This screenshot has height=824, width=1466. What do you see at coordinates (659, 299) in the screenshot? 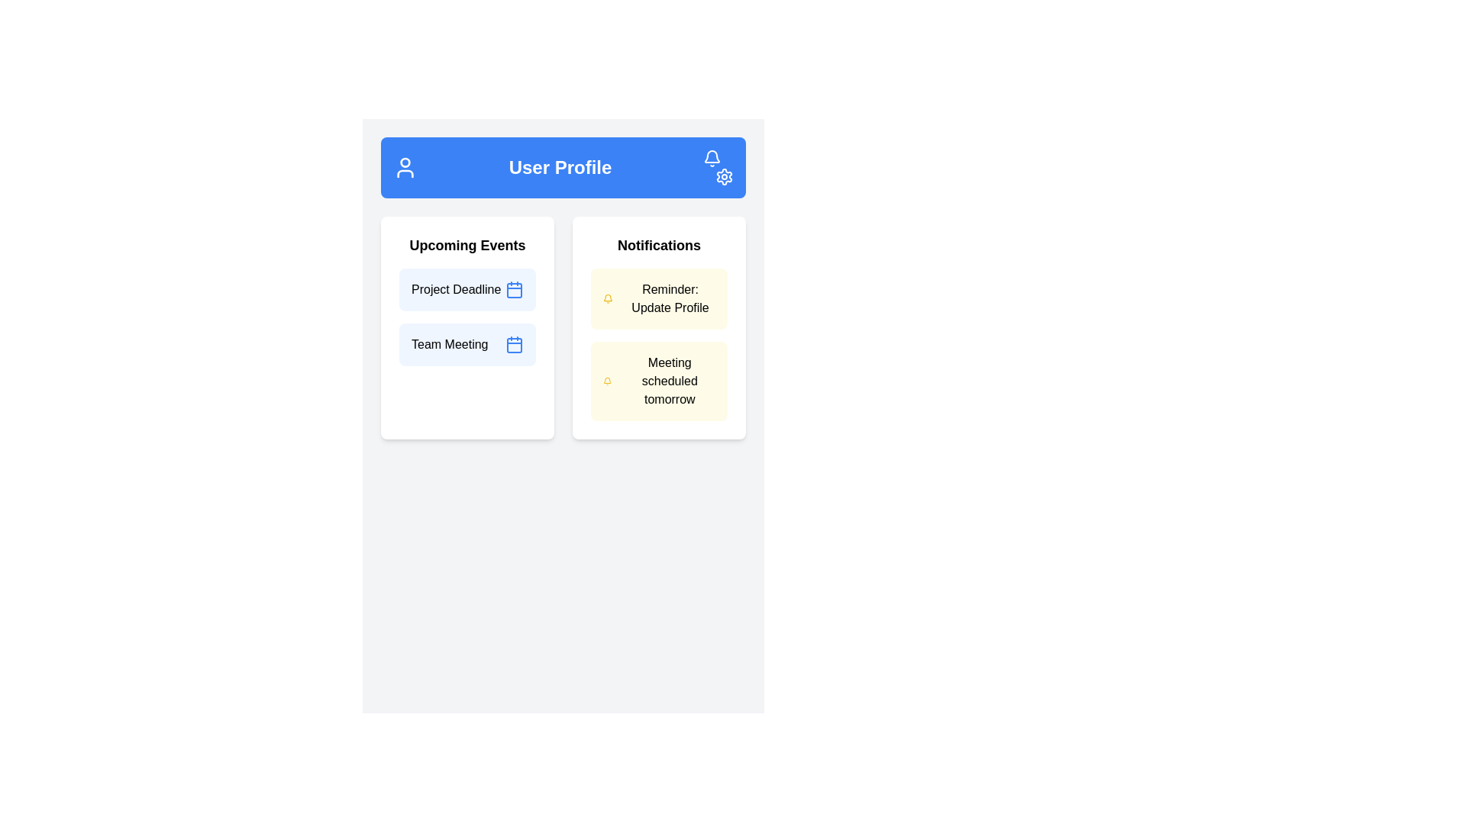
I see `the Notification card displaying a reminder message to update the user's profile, located in the right panel under 'Notifications'` at bounding box center [659, 299].